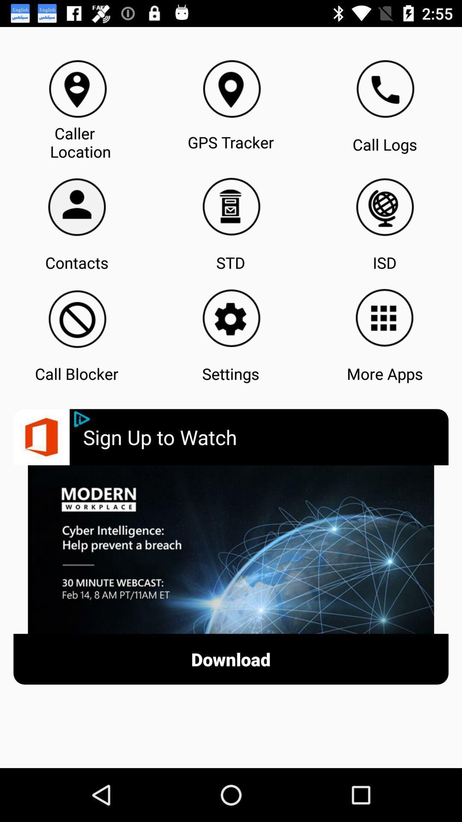 The width and height of the screenshot is (462, 822). What do you see at coordinates (82, 419) in the screenshot?
I see `share the page` at bounding box center [82, 419].